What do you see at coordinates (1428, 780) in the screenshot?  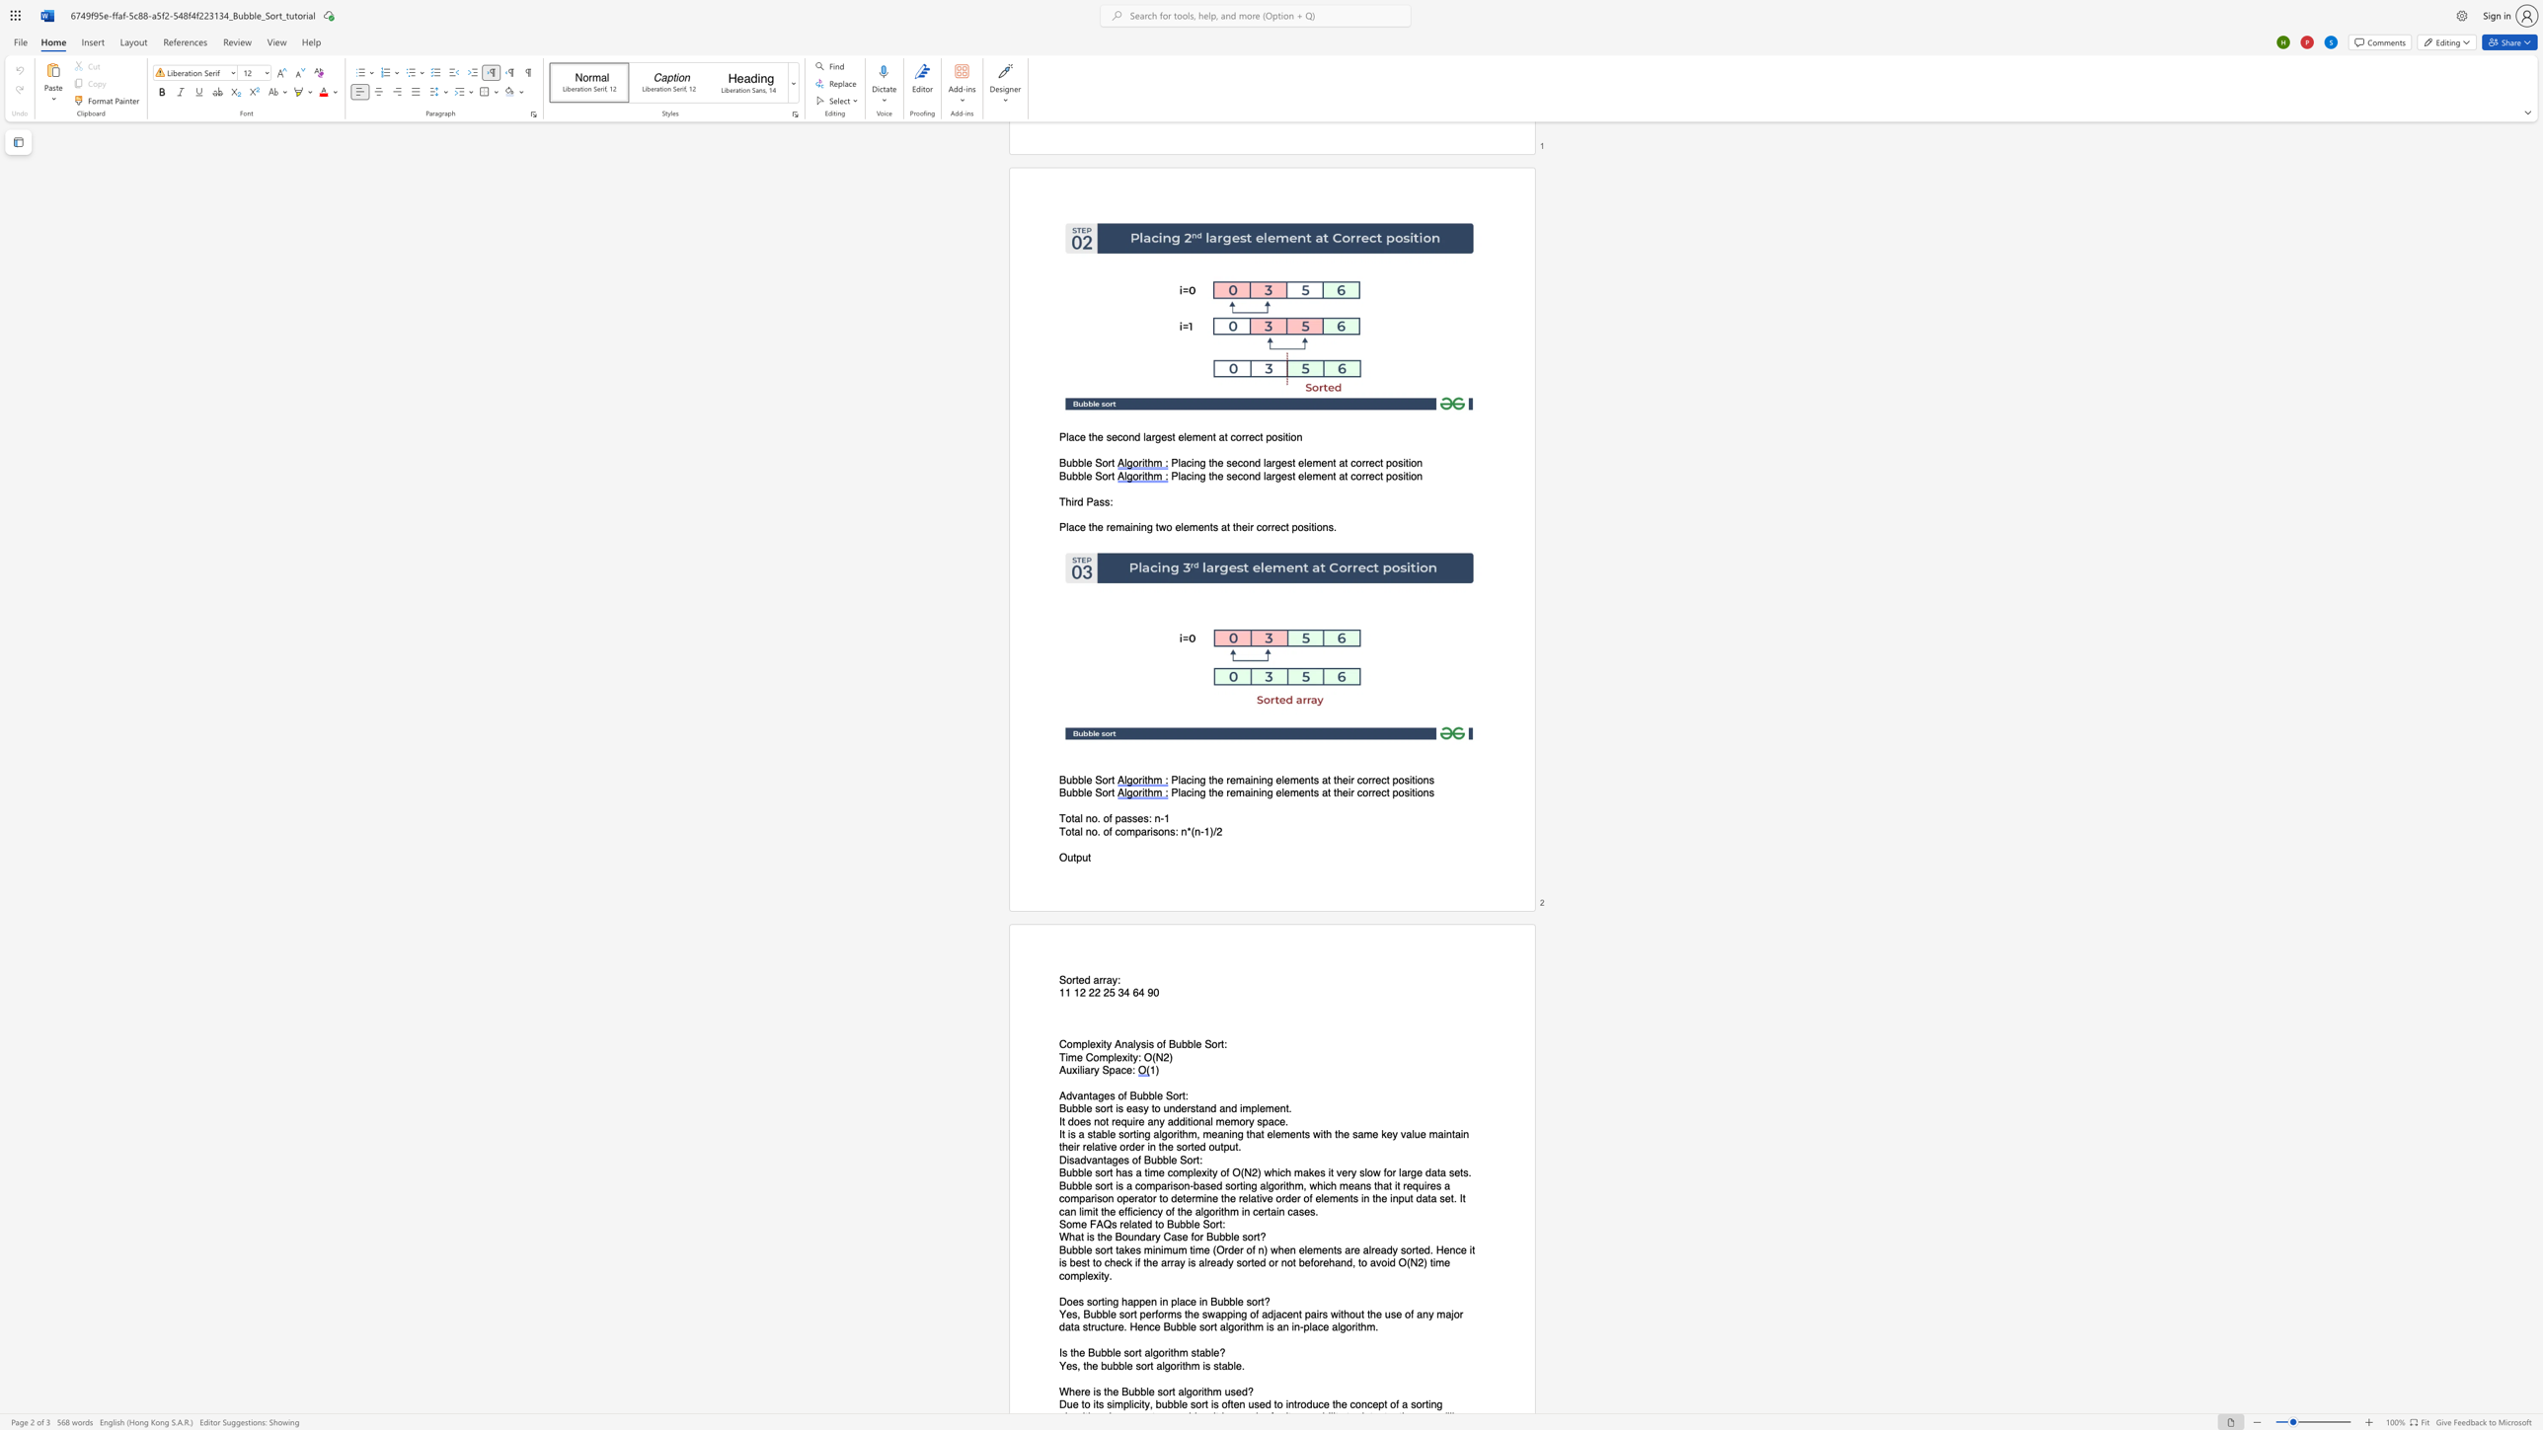 I see `the space between the continuous character "n" and "s" in the text` at bounding box center [1428, 780].